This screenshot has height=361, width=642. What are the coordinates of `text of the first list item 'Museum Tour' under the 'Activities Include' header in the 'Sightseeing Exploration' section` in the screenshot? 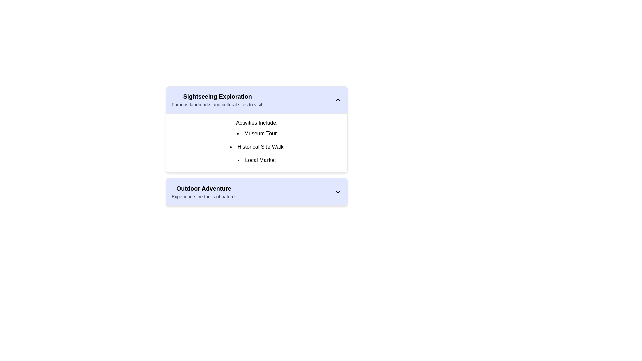 It's located at (256, 134).